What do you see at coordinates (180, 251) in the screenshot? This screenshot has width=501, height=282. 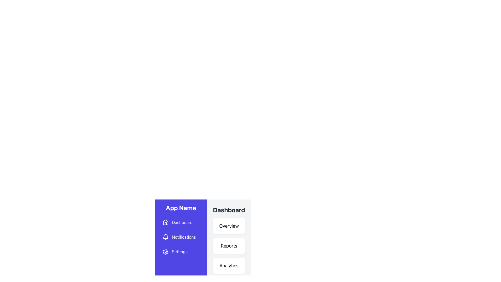 I see `the 'Settings' text label in the blue sidebar, which is positioned below the 'Notifications' item and to the right of the gear icon` at bounding box center [180, 251].